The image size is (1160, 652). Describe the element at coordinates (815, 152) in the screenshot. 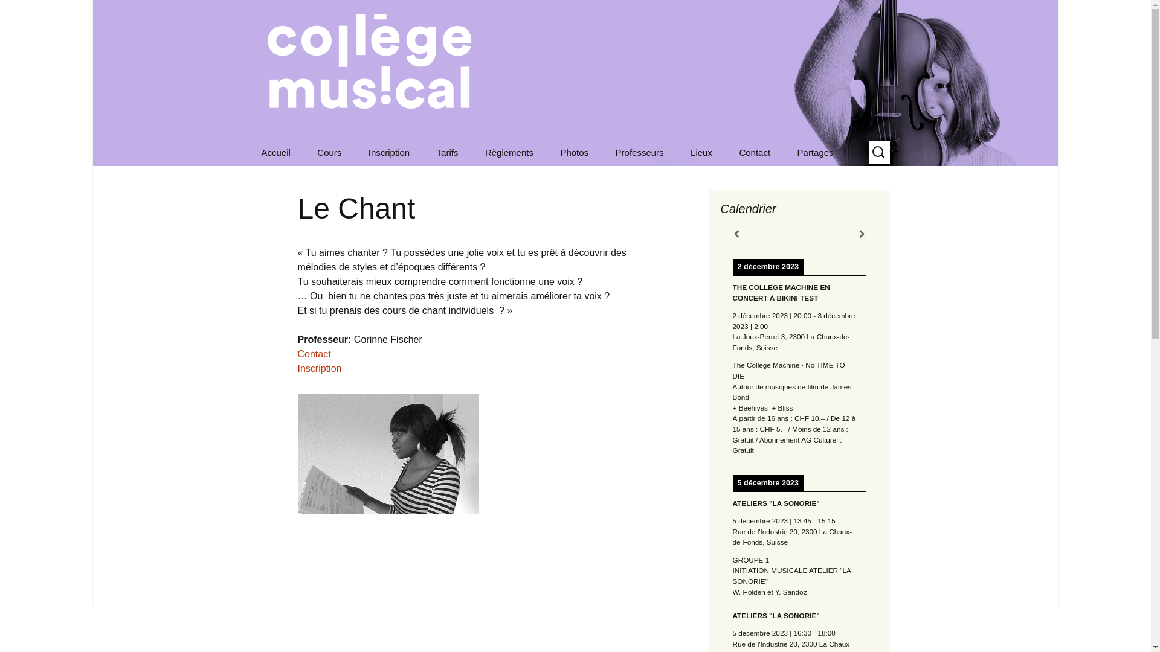

I see `'Partages'` at that location.